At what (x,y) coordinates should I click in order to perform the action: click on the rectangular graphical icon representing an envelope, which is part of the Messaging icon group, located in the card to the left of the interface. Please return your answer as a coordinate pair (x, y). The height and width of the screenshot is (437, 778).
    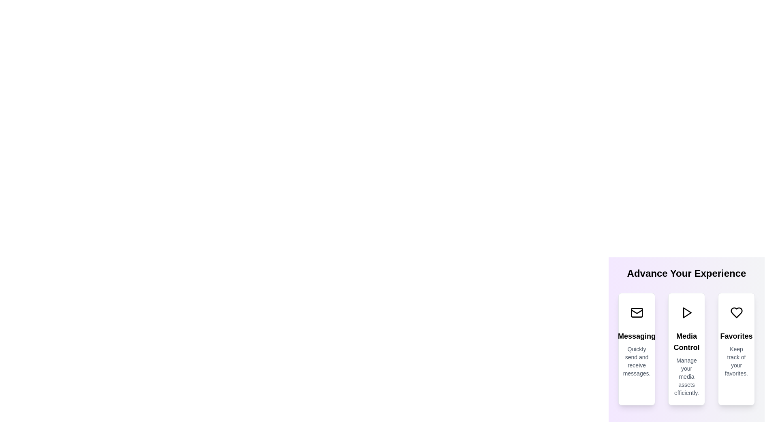
    Looking at the image, I should click on (636, 312).